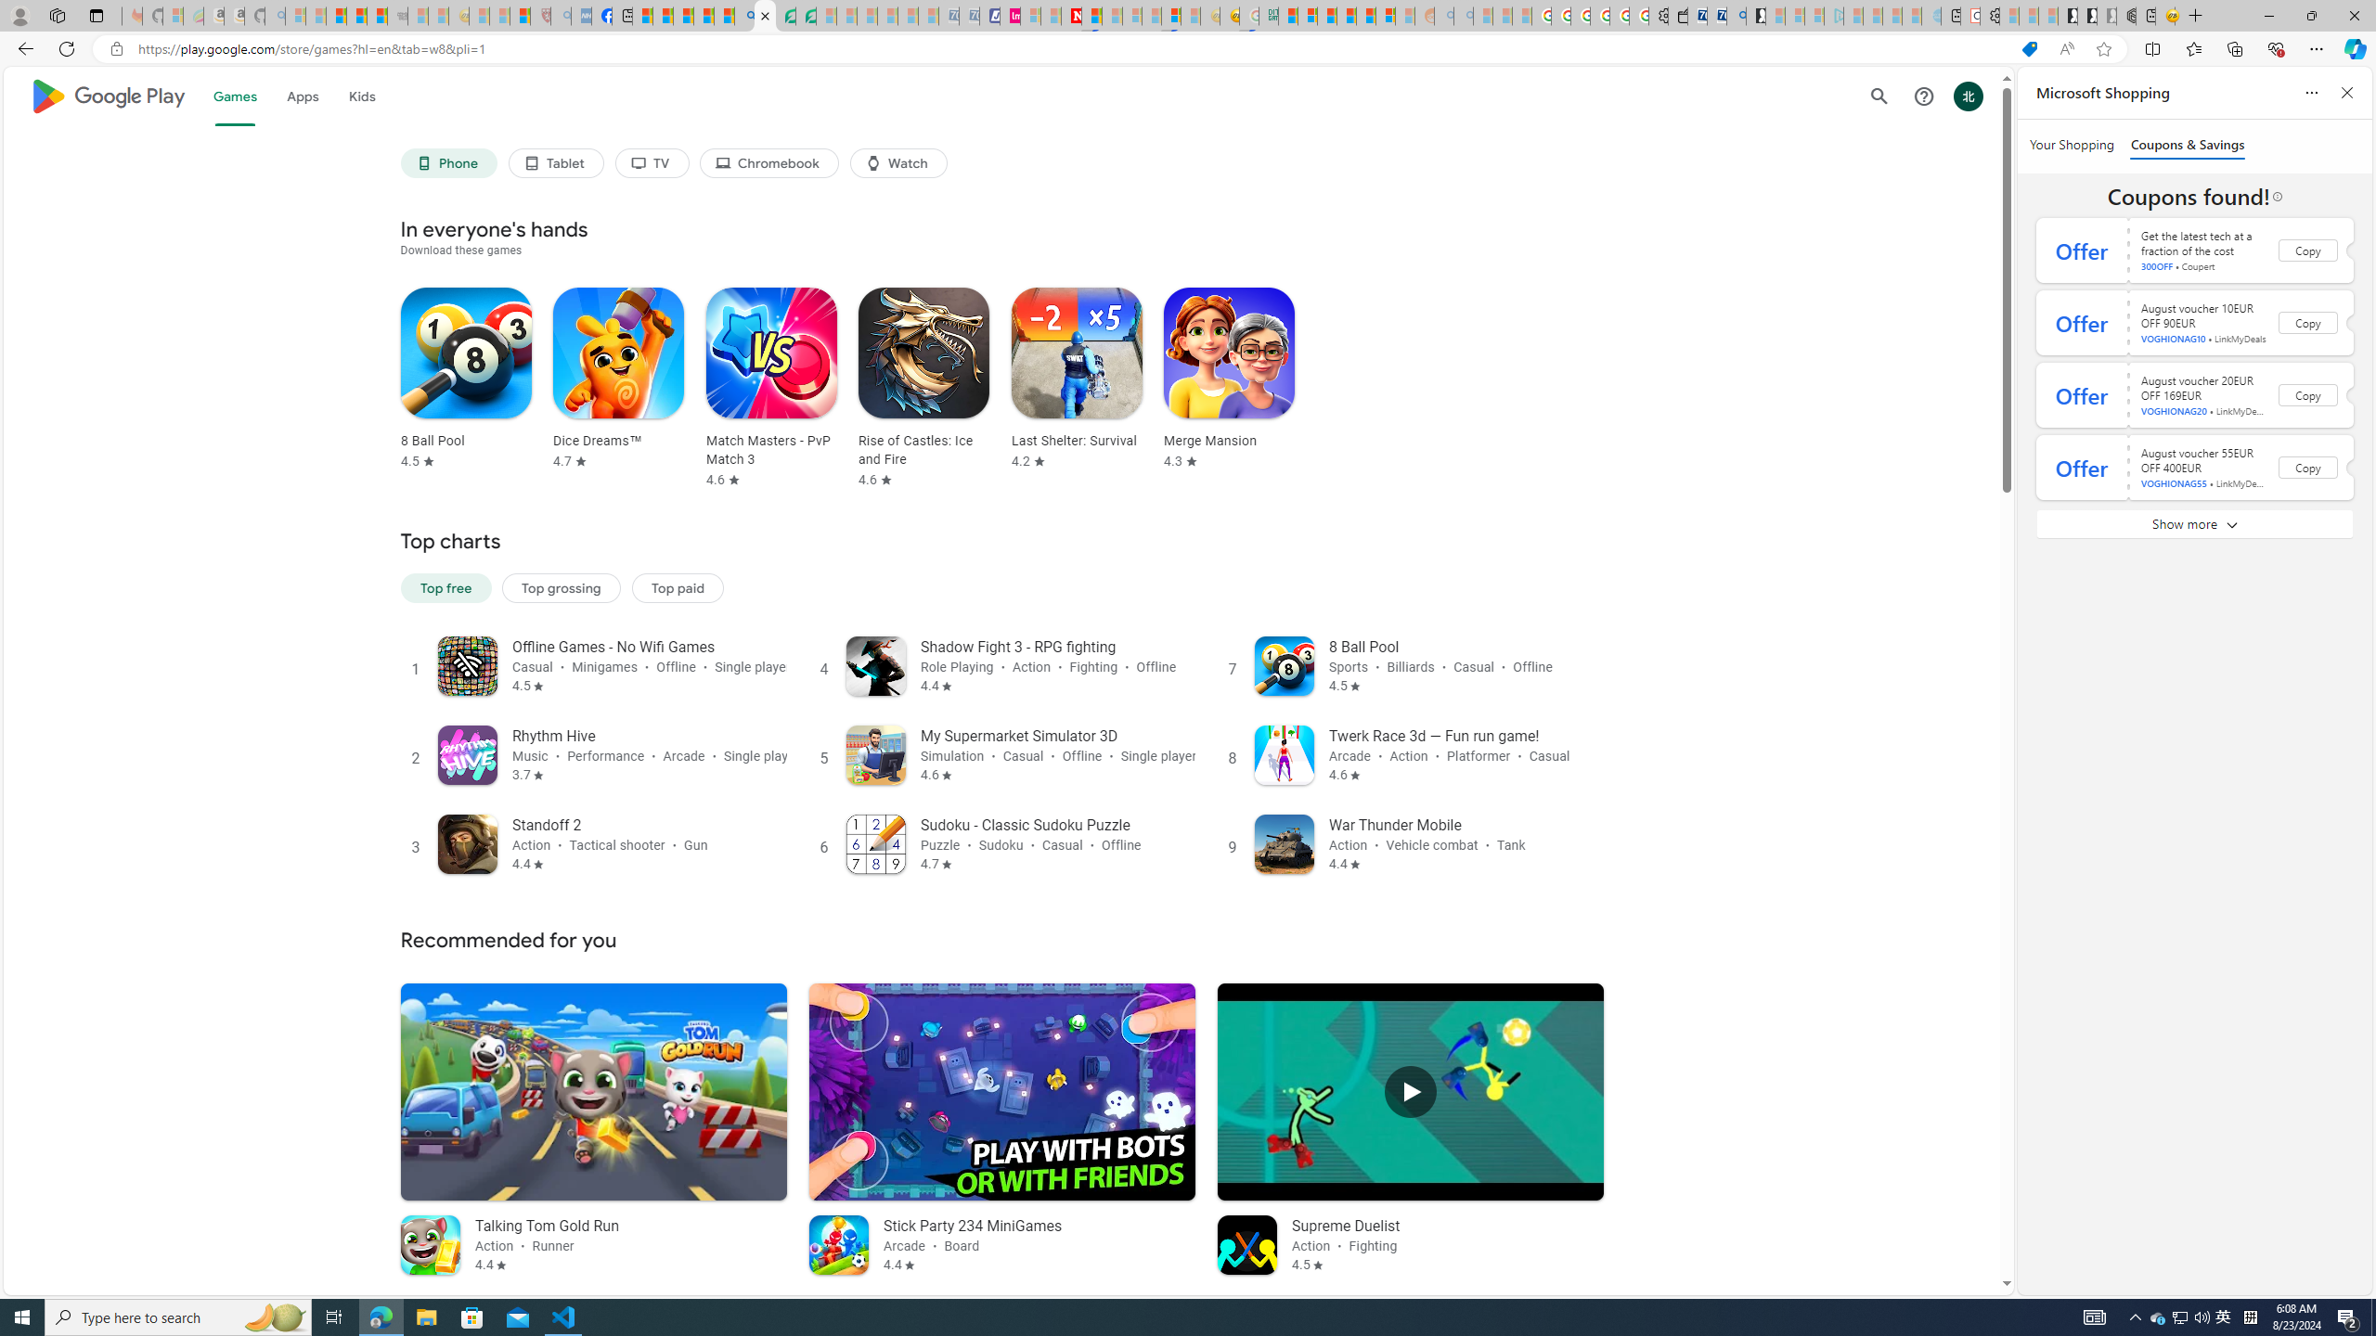 Image resolution: width=2376 pixels, height=1336 pixels. Describe the element at coordinates (1736, 15) in the screenshot. I see `'Bing Real Estate - Home sales and rental listings'` at that location.